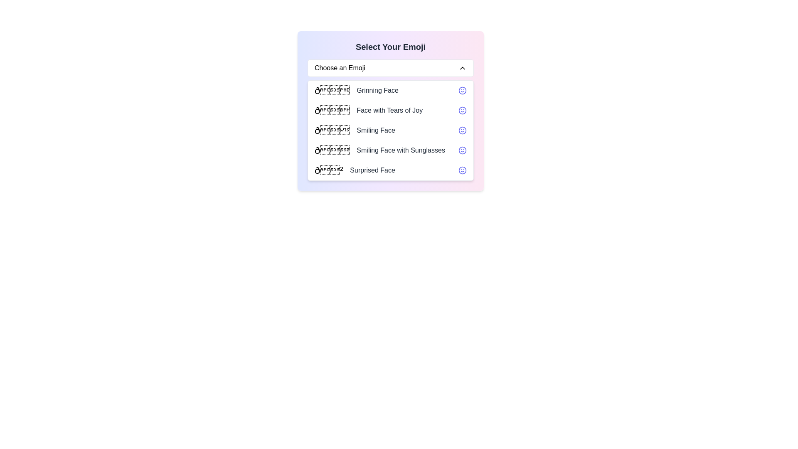 This screenshot has width=798, height=449. What do you see at coordinates (462, 150) in the screenshot?
I see `the circular indigo smiley face icon located at the far-right end of the 'Smiling Face with Sunglasses' dropdown menu` at bounding box center [462, 150].